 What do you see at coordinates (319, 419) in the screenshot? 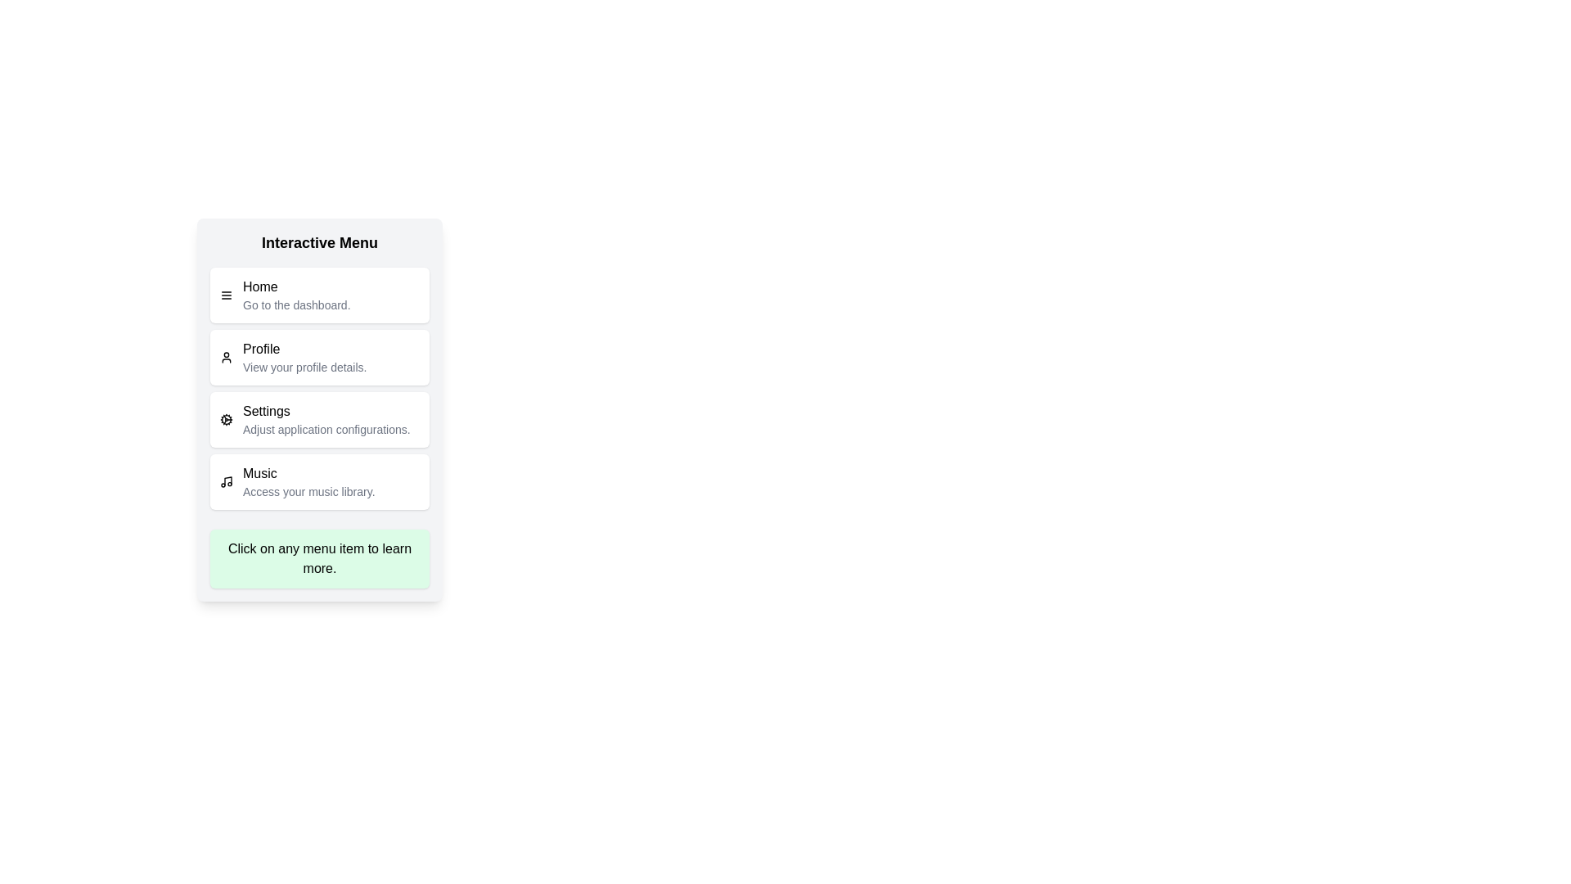
I see `the menu item labeled Settings to view its description` at bounding box center [319, 419].